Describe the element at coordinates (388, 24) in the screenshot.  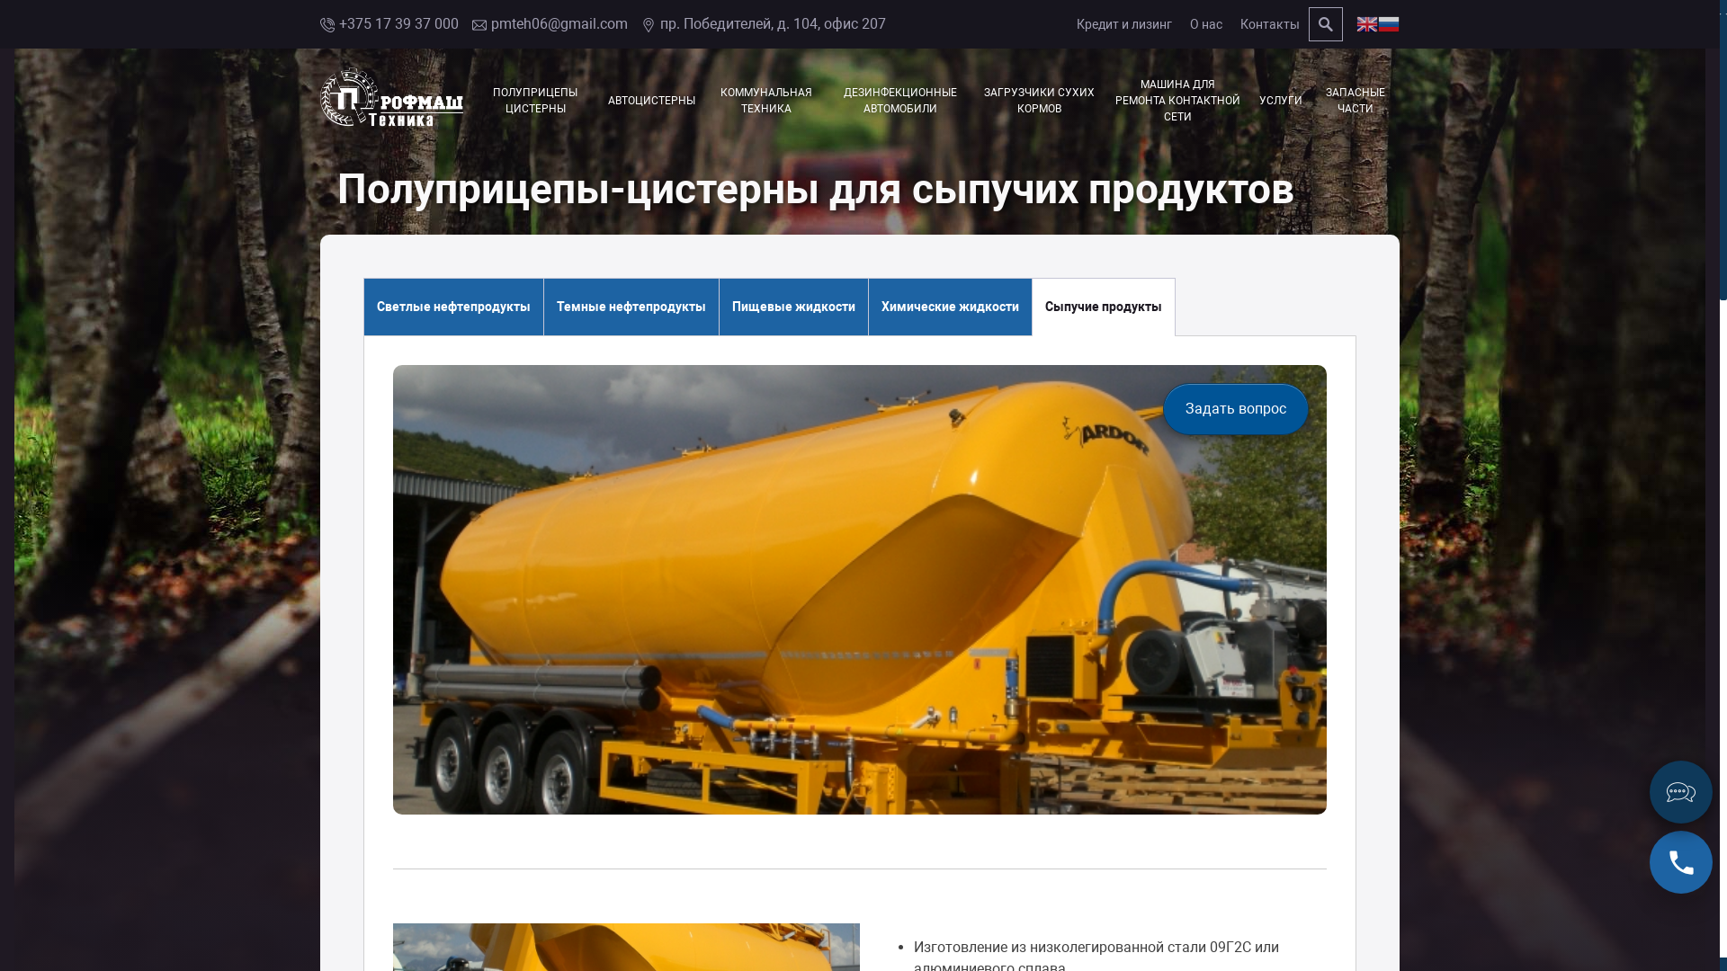
I see `'+375 17 39 37 000'` at that location.